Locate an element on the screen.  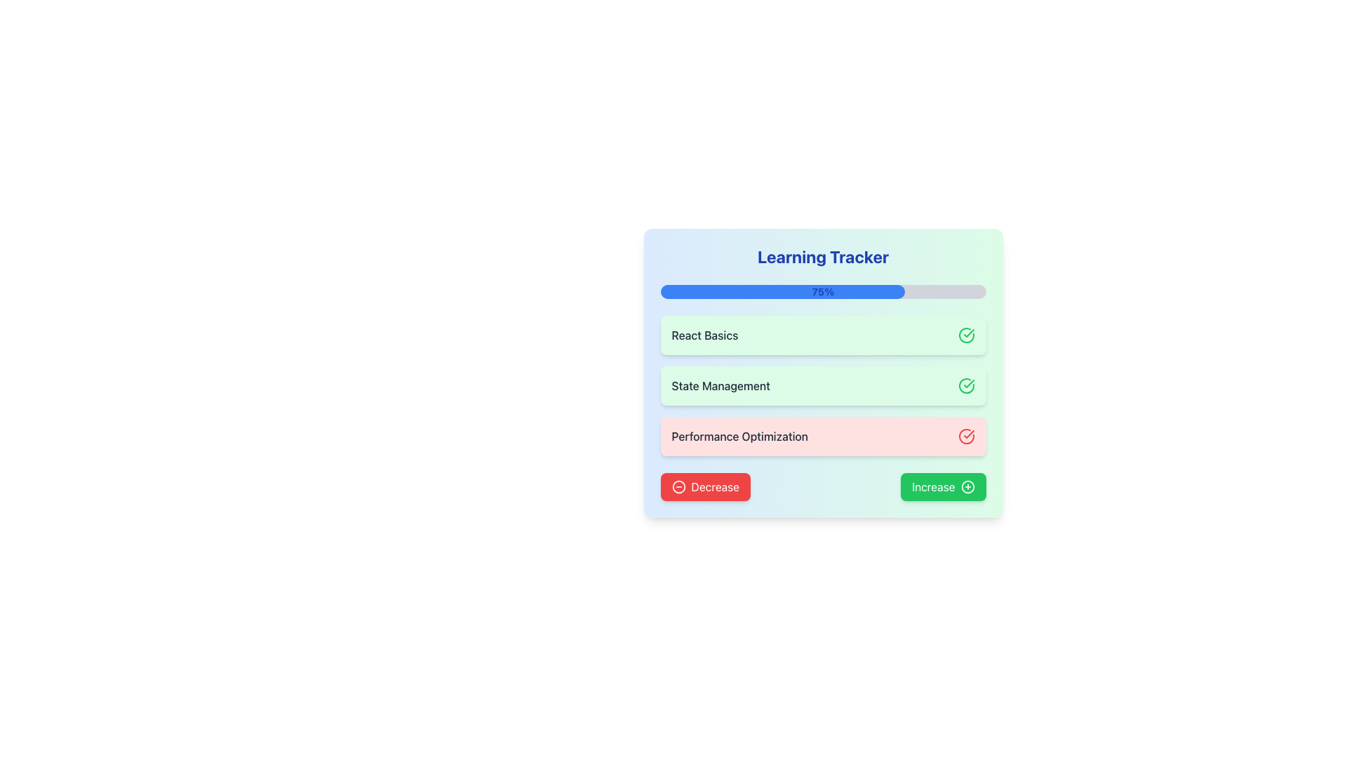
the plus icon inside a circle located on the right-hand side of the green 'Increase' button at the bottom-right of the Learning Tracker interface is located at coordinates (967, 486).